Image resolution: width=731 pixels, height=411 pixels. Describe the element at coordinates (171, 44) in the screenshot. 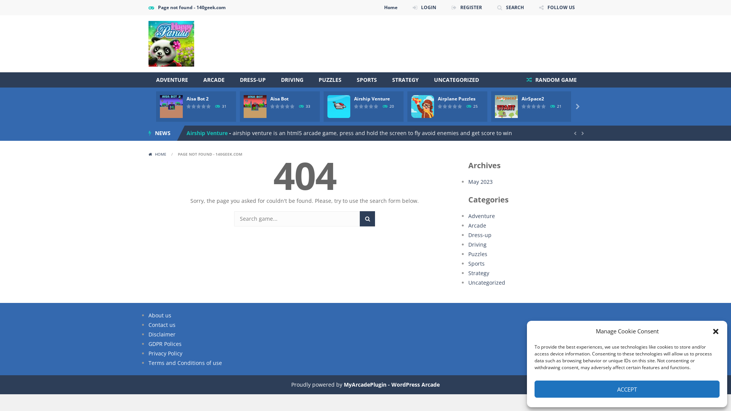

I see `'140geek.com'` at that location.